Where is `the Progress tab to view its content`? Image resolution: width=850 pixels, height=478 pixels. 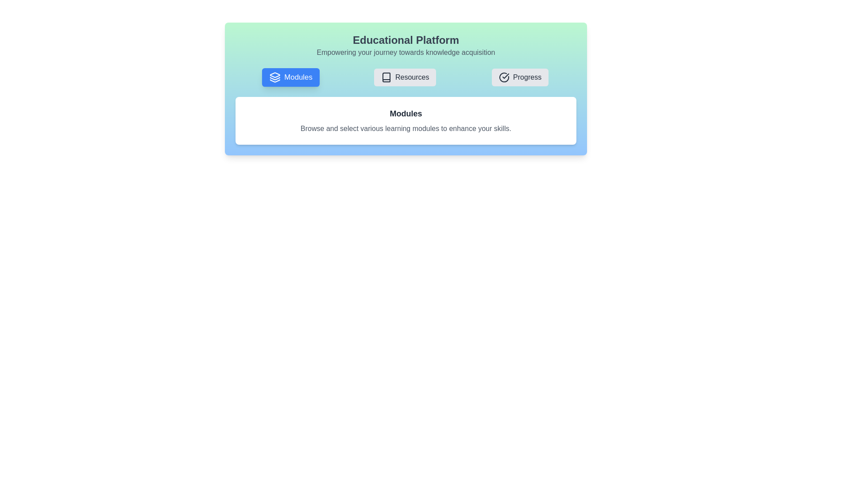 the Progress tab to view its content is located at coordinates (520, 77).